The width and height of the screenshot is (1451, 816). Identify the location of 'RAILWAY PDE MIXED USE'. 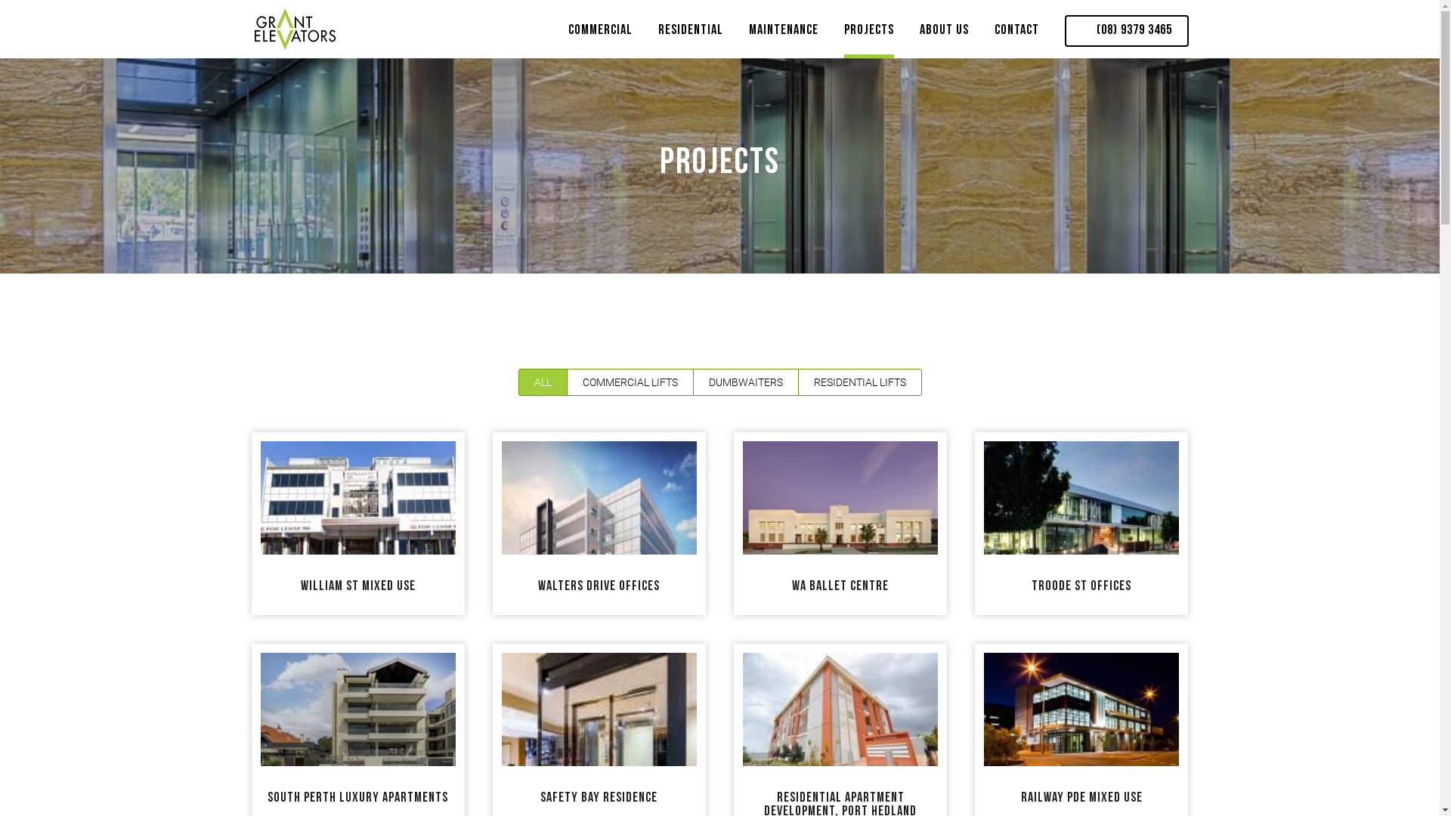
(1081, 797).